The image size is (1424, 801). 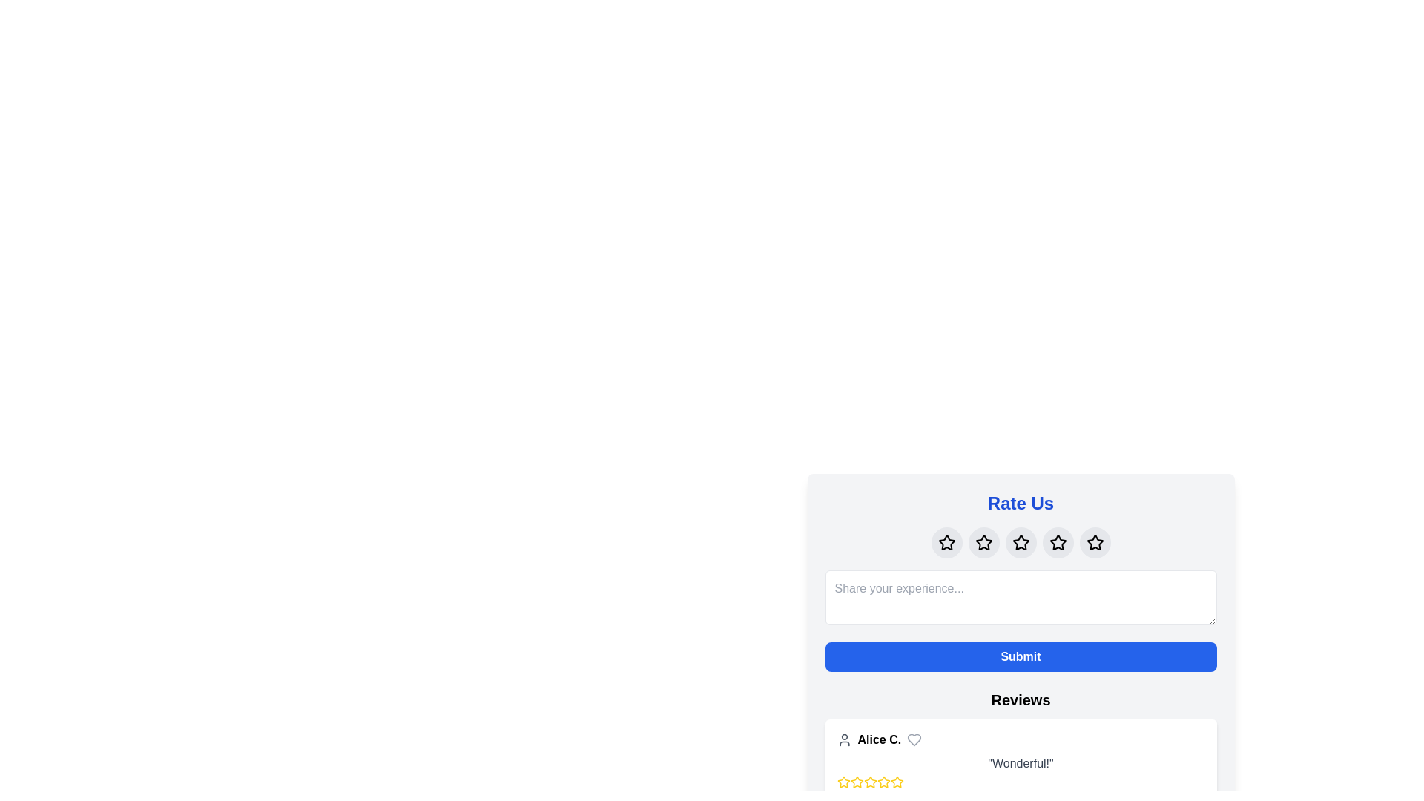 I want to click on the fourth star icon in the rating system to modify the rating, so click(x=870, y=782).